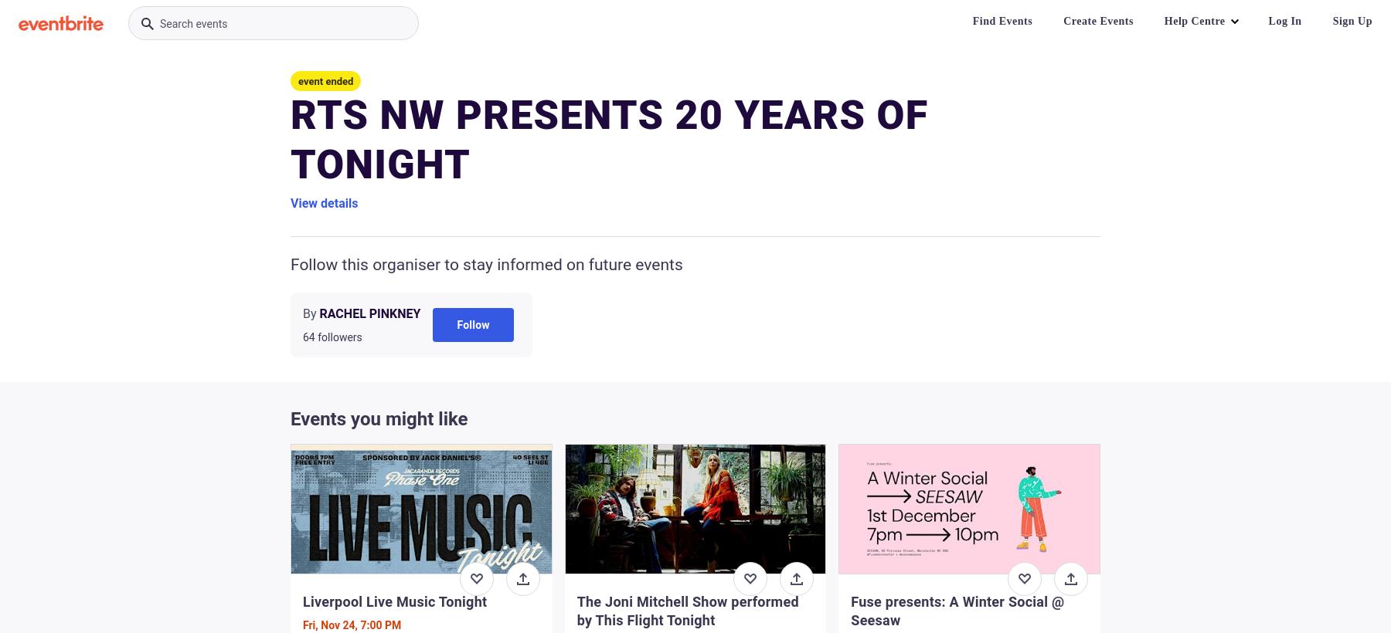 This screenshot has height=633, width=1391. What do you see at coordinates (303, 313) in the screenshot?
I see `'By'` at bounding box center [303, 313].